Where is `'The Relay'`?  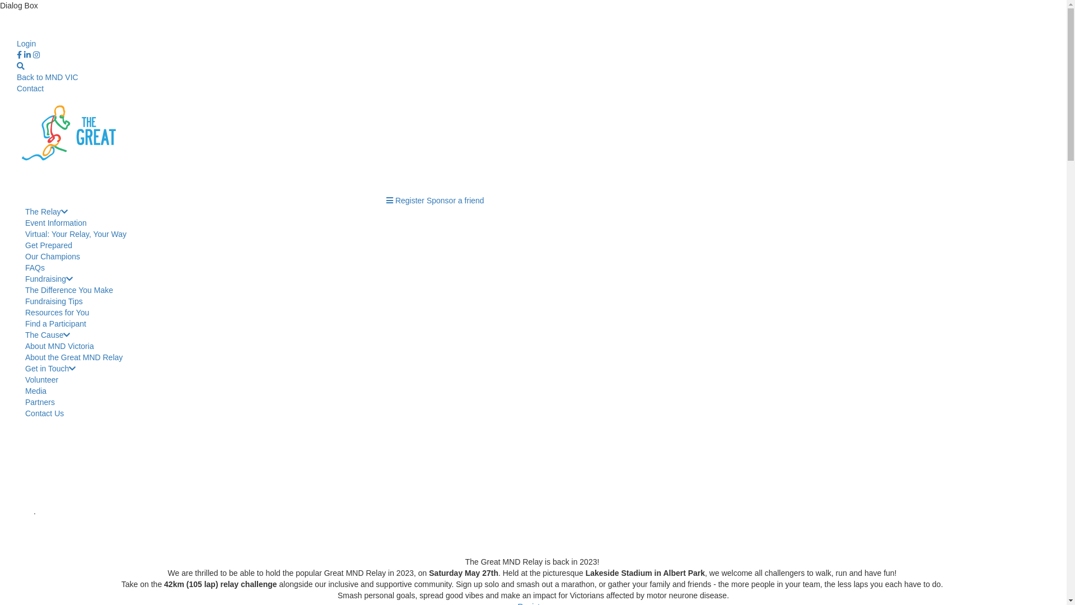 'The Relay' is located at coordinates (45, 212).